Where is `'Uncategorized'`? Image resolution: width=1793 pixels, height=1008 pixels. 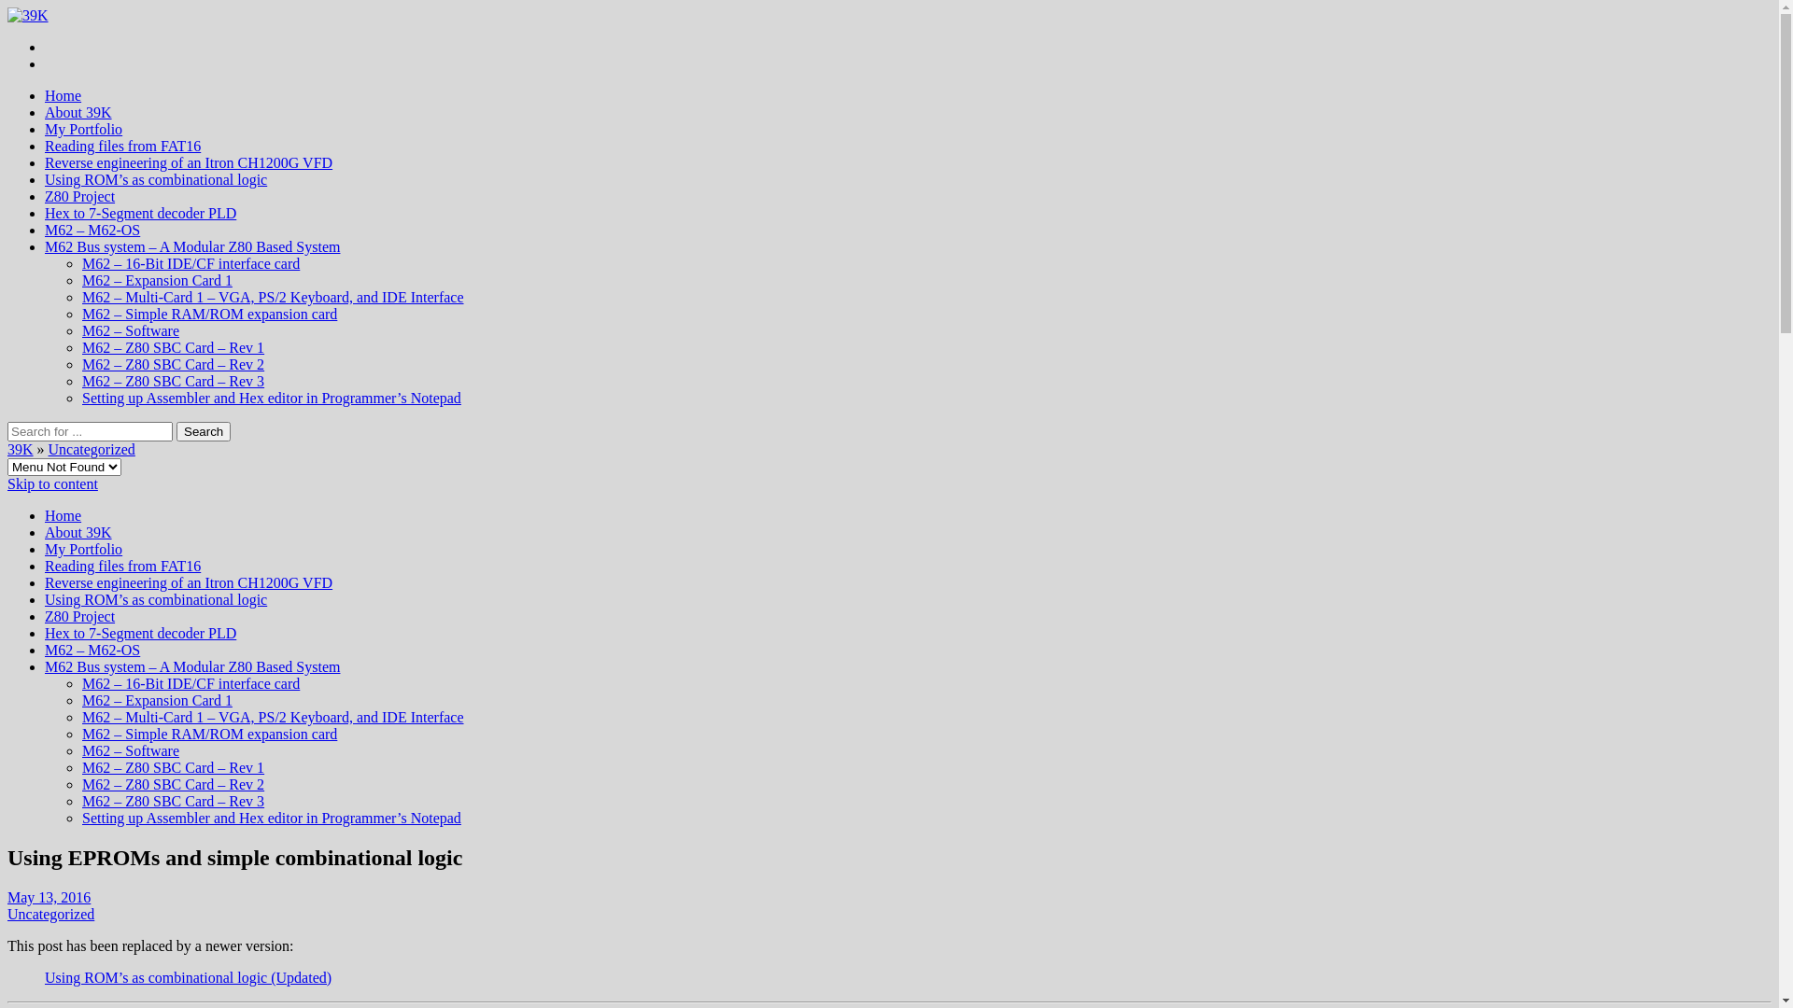
'Uncategorized' is located at coordinates (49, 449).